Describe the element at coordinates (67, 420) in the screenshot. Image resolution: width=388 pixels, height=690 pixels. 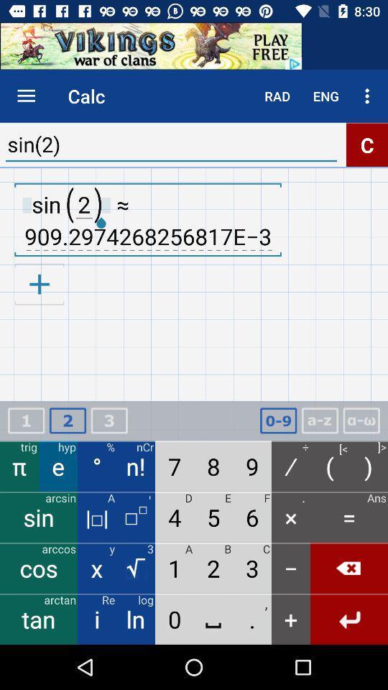
I see `calculater` at that location.